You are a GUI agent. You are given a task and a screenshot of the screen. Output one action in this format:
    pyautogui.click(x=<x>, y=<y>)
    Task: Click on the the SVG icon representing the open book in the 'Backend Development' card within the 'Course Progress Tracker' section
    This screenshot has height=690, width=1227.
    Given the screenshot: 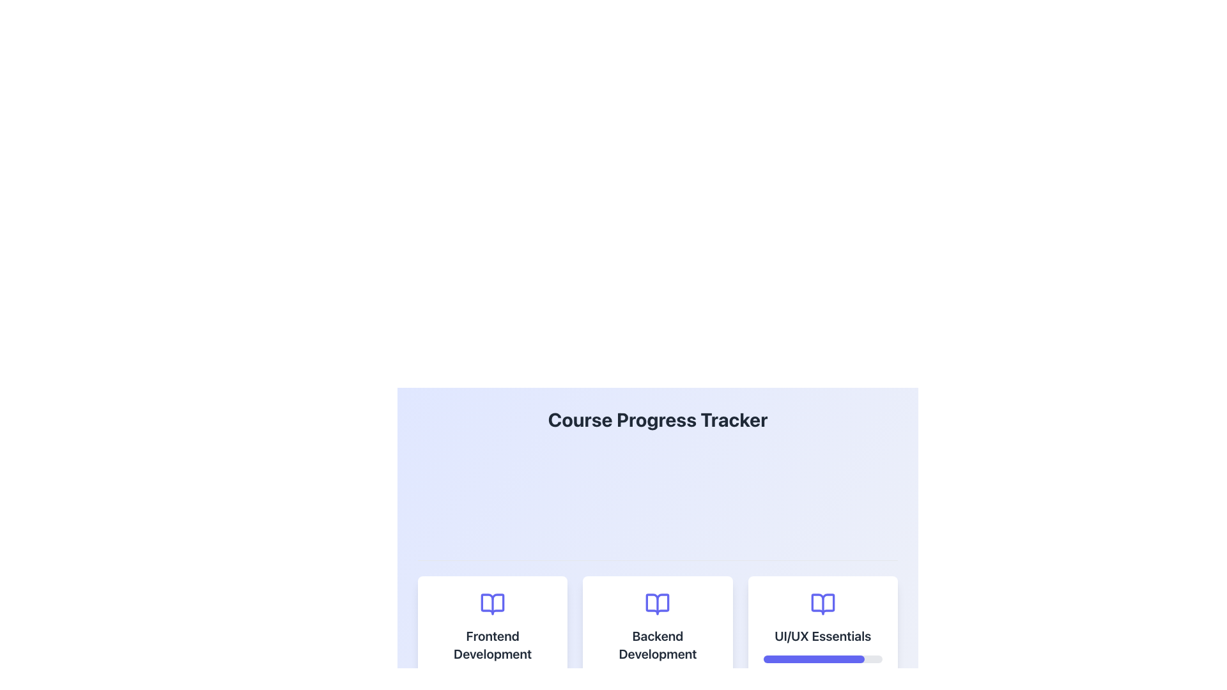 What is the action you would take?
    pyautogui.click(x=658, y=604)
    